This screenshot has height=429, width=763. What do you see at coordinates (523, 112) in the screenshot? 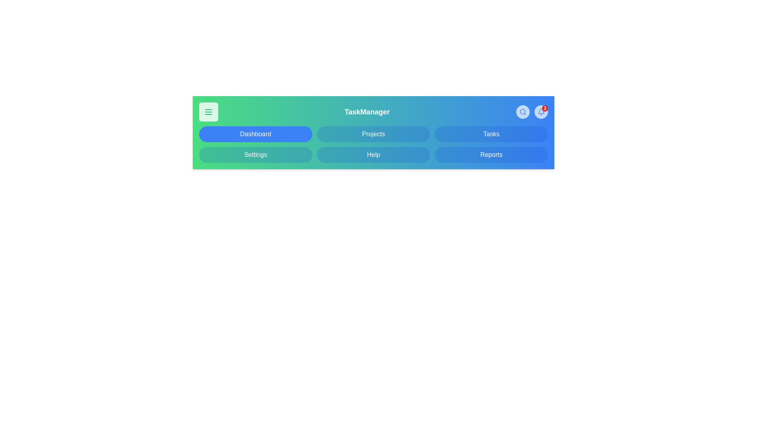
I see `the search button to initiate a search` at bounding box center [523, 112].